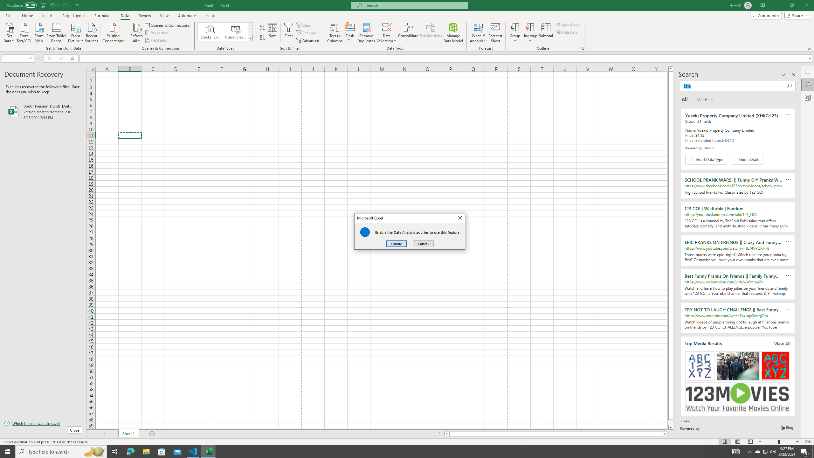  What do you see at coordinates (772, 451) in the screenshot?
I see `'Q2790: 100%'` at bounding box center [772, 451].